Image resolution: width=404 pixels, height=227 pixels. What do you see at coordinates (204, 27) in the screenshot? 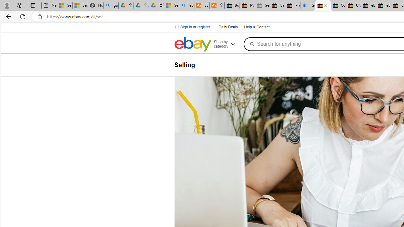
I see `'register'` at bounding box center [204, 27].